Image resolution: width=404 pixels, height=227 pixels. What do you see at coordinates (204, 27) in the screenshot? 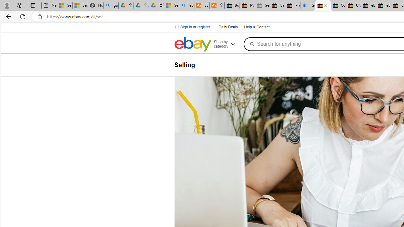
I see `'register'` at bounding box center [204, 27].